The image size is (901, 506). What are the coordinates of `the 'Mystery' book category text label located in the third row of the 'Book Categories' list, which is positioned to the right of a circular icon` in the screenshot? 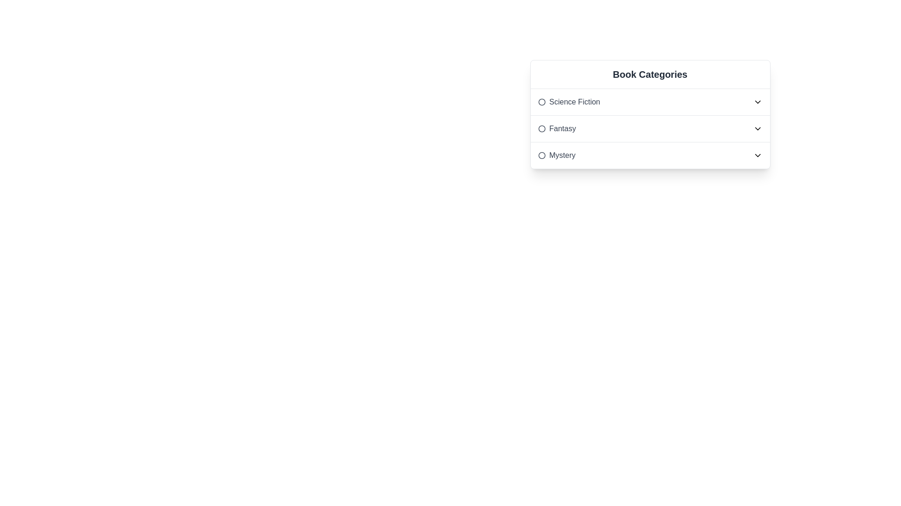 It's located at (562, 155).